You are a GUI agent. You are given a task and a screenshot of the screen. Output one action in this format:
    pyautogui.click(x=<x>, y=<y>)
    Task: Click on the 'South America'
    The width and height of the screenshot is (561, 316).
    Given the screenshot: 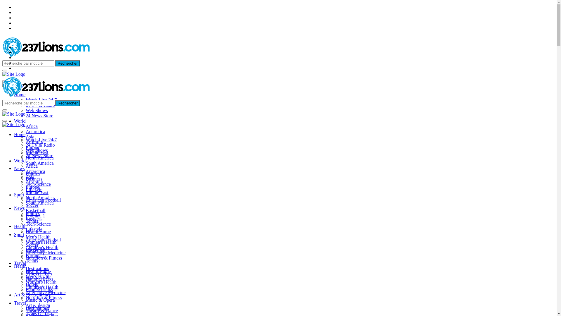 What is the action you would take?
    pyautogui.click(x=39, y=163)
    